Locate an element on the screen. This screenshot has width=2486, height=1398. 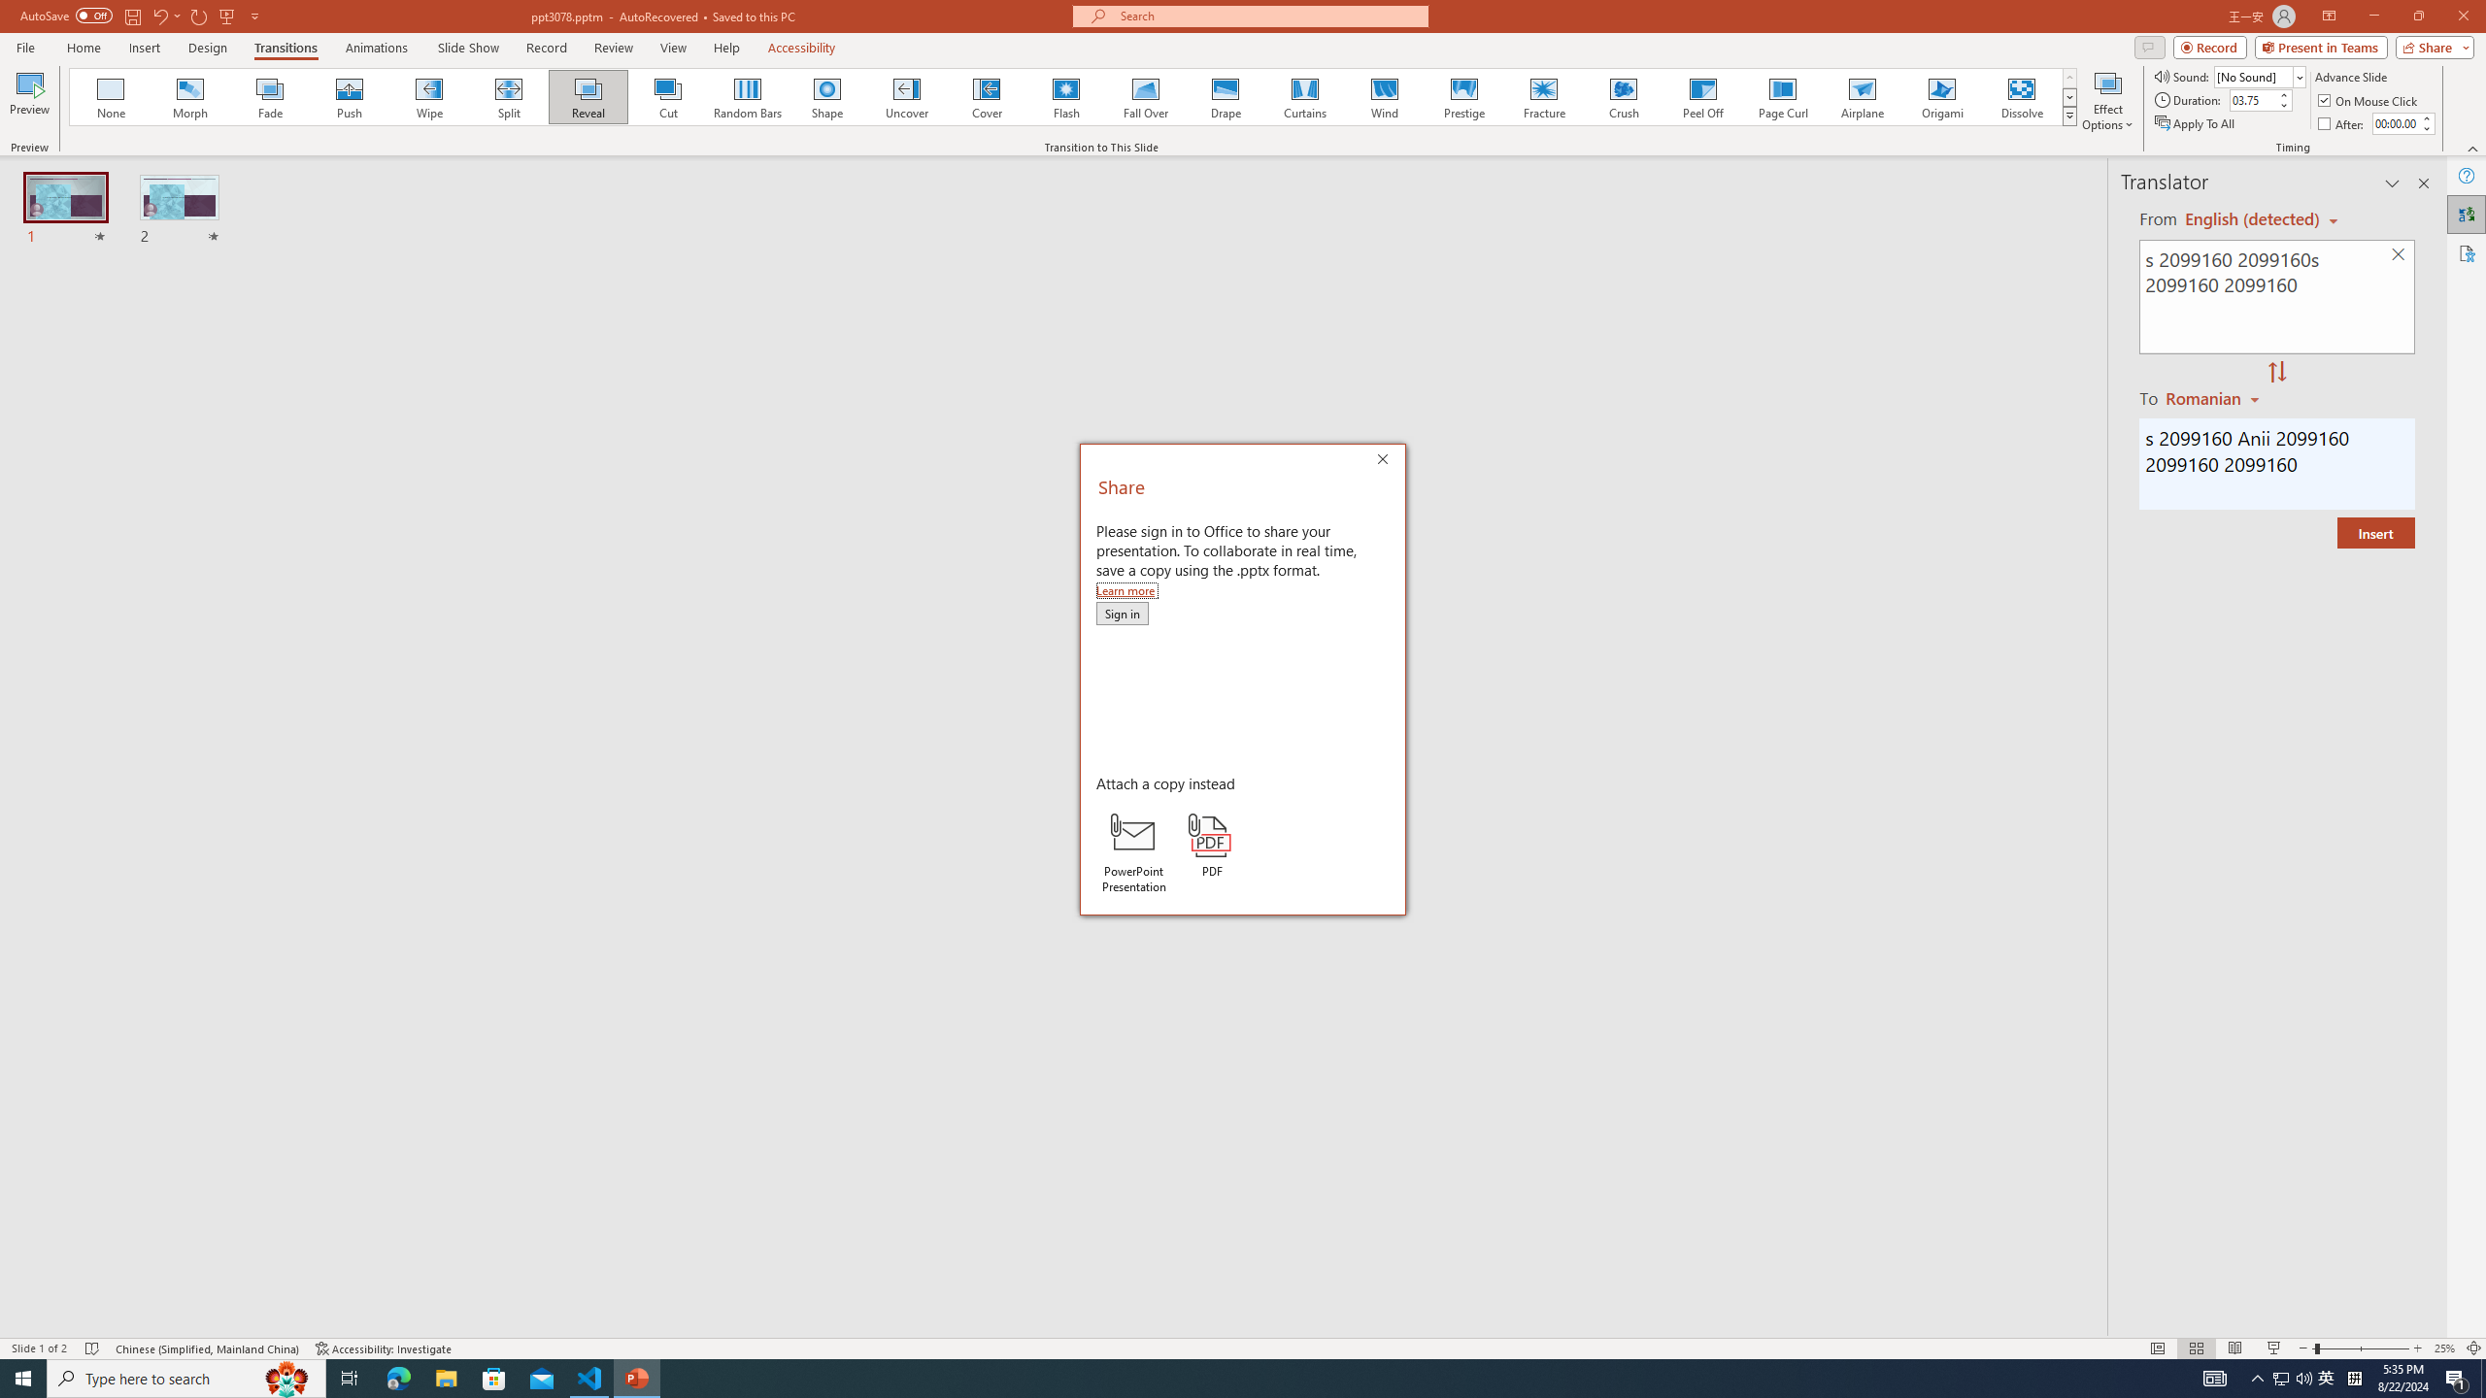
'Effect Options' is located at coordinates (2106, 100).